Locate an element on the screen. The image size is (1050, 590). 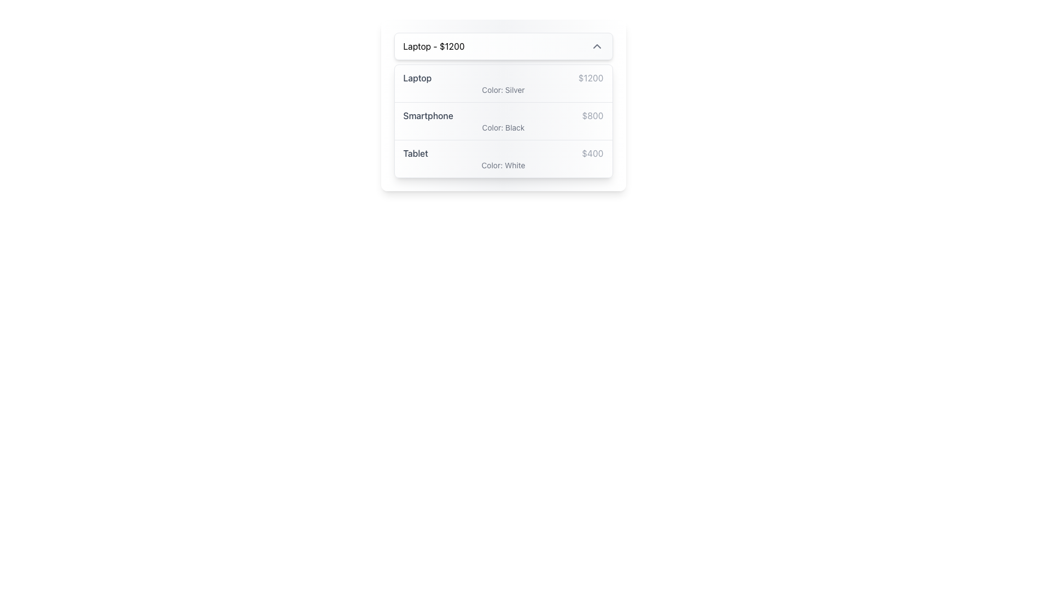
the list of items which includes Laptop, Smartphone, and Tablet is located at coordinates (503, 121).